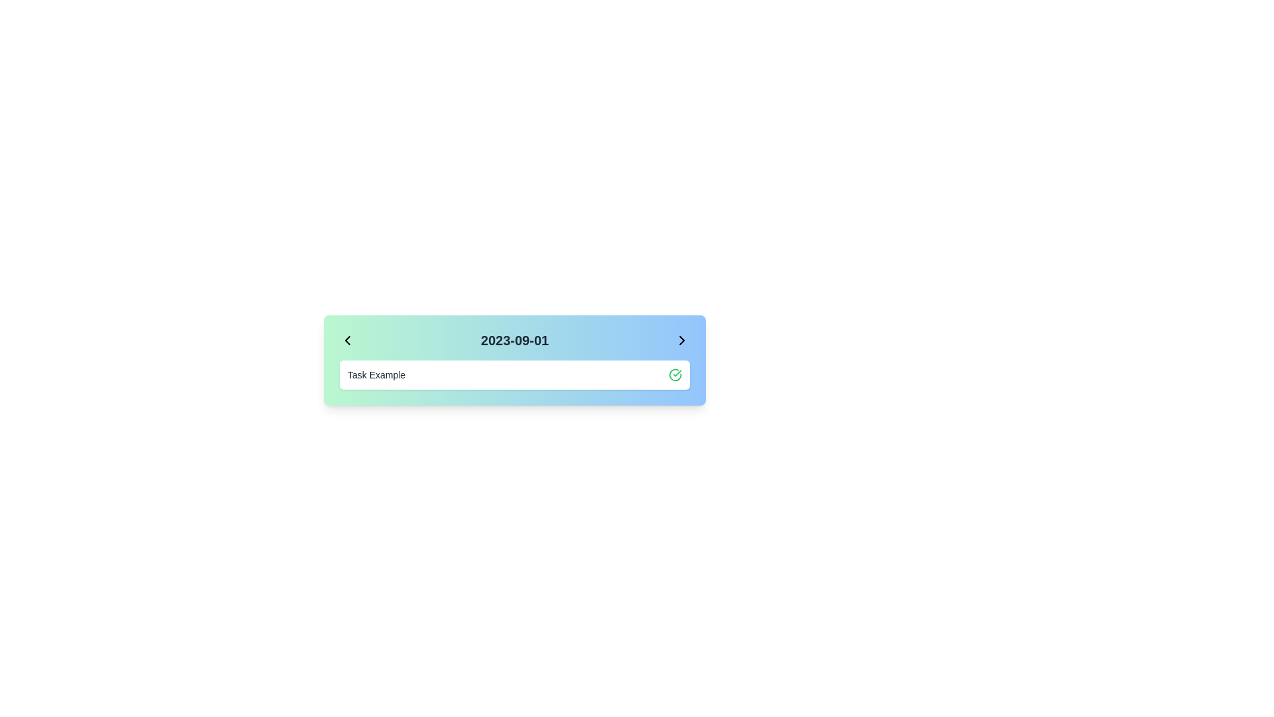 The height and width of the screenshot is (717, 1274). Describe the element at coordinates (681, 340) in the screenshot. I see `the 'ChevronRight' icon to navigate to the next day` at that location.